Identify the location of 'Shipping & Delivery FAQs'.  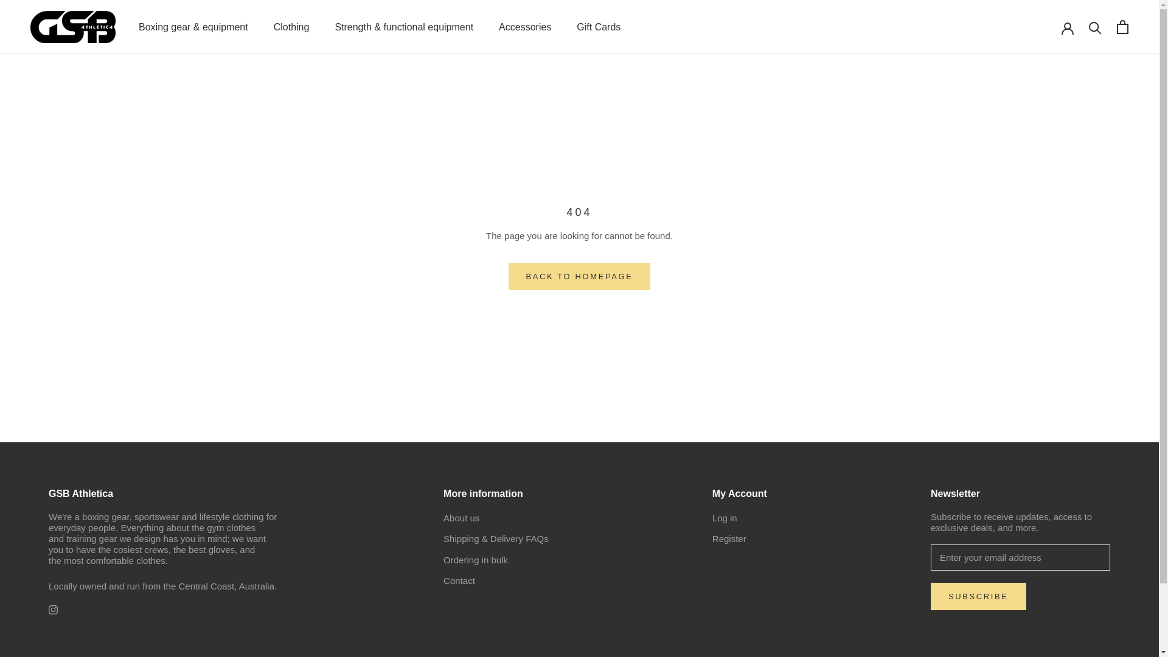
(496, 538).